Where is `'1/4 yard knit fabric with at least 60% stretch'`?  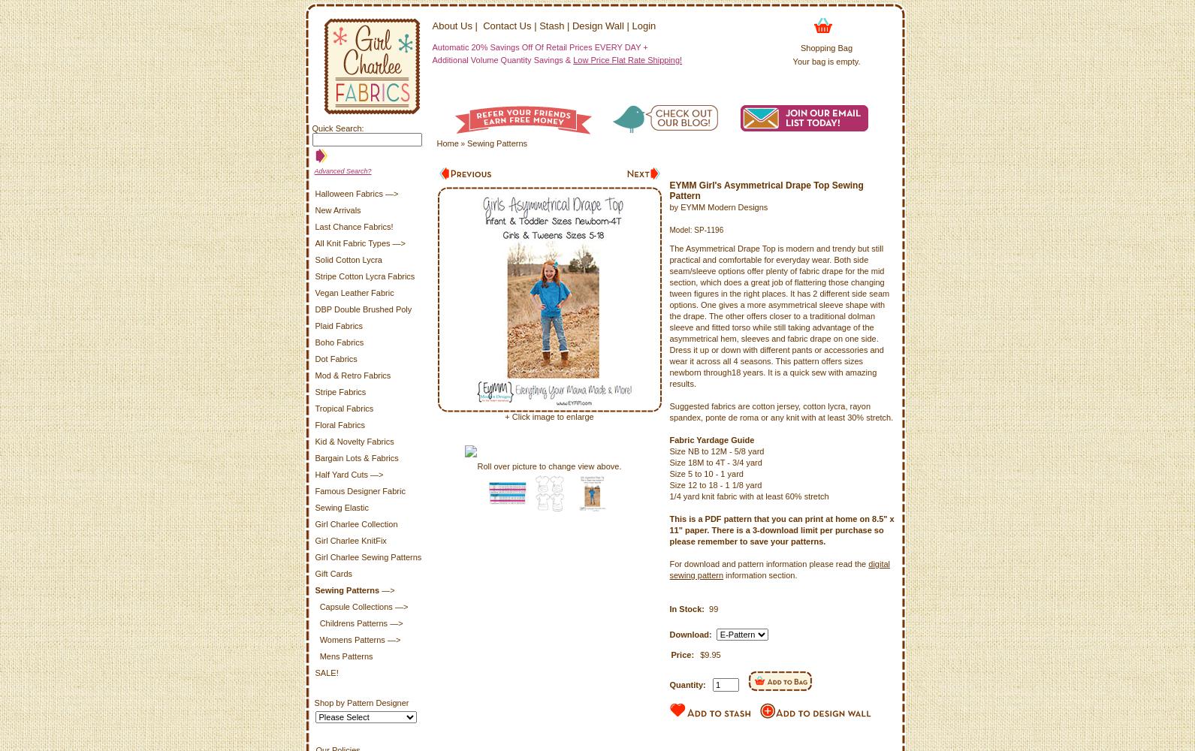
'1/4 yard knit fabric with at least 60% stretch' is located at coordinates (748, 496).